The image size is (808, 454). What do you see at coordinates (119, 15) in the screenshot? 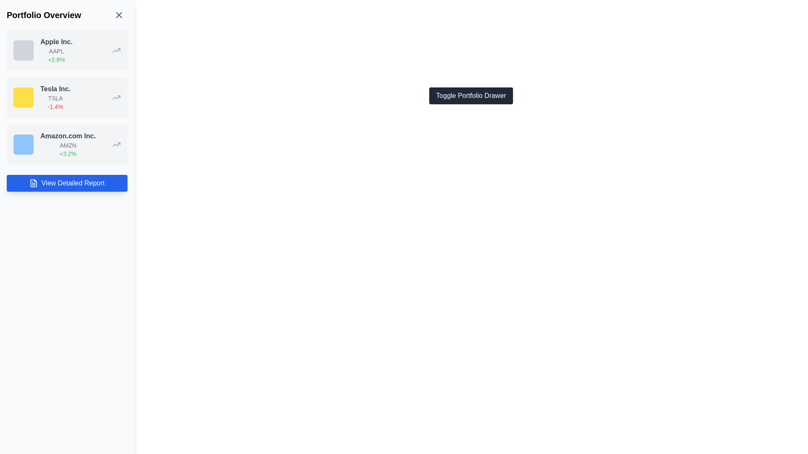
I see `the Close button, which is an 'X' shaped icon located at the top-right corner of the sidebar titled 'Portfolio Overview'` at bounding box center [119, 15].